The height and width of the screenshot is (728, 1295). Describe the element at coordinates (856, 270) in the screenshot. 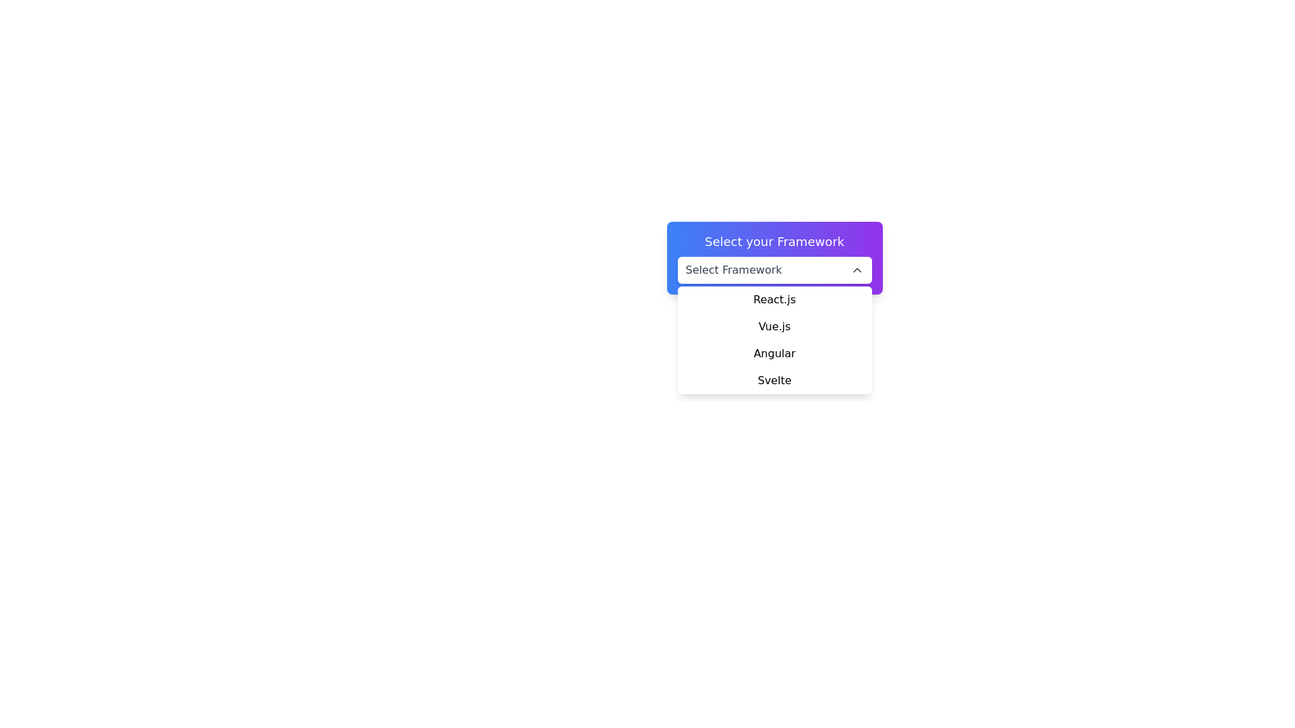

I see `the chevron-shaped arrow icon pointing upwards, which has a minimalist design with a black outline and a white background, located in the rightmost portion of the 'Select Framework' dropdown bar` at that location.